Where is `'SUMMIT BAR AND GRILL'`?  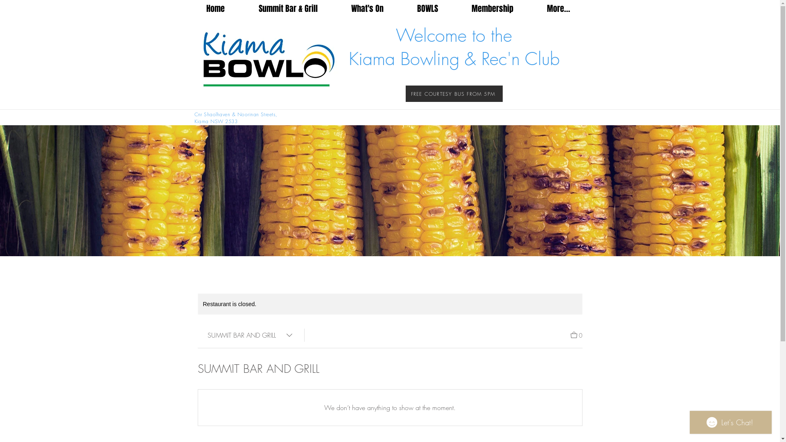
'SUMMIT BAR AND GRILL' is located at coordinates (250, 335).